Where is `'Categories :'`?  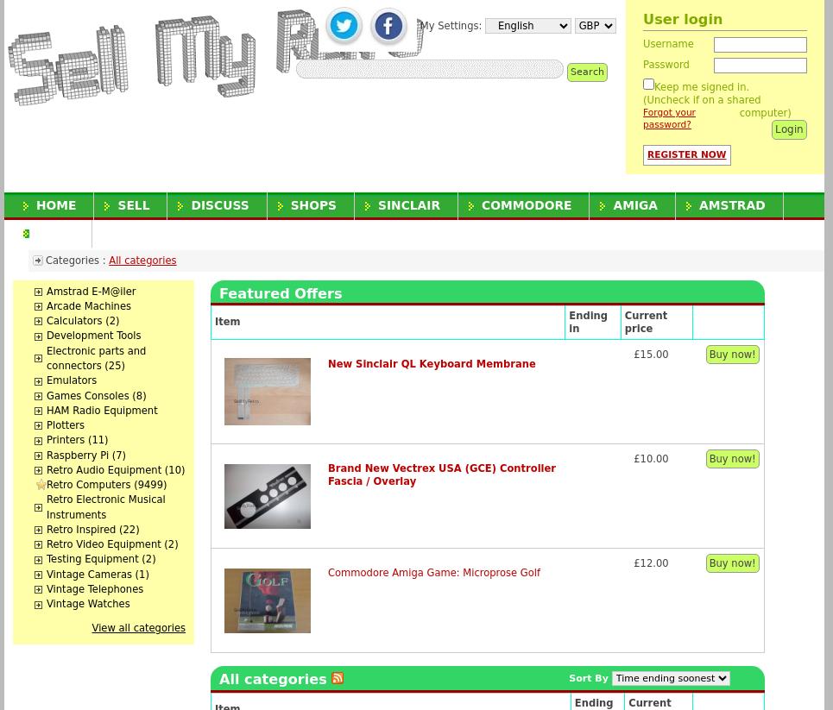 'Categories :' is located at coordinates (76, 258).